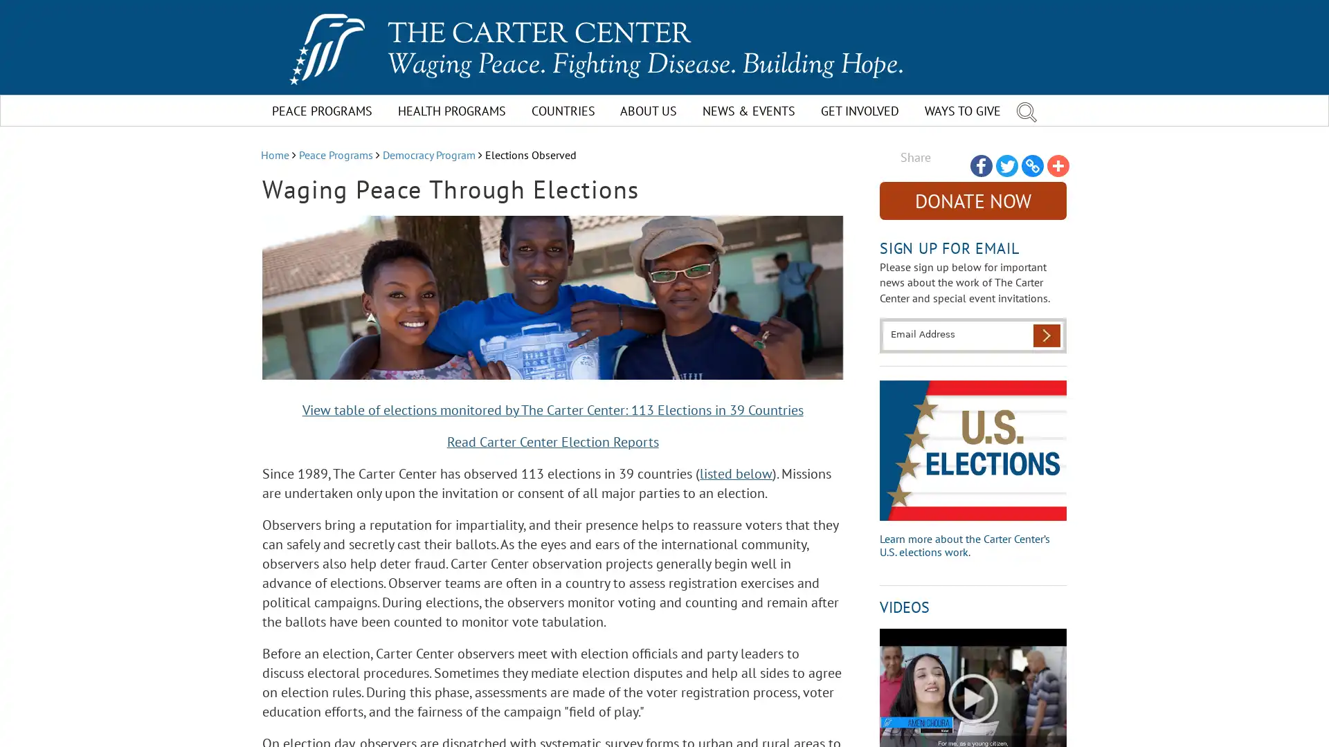  Describe the element at coordinates (1033, 165) in the screenshot. I see `Share to Copy Link` at that location.